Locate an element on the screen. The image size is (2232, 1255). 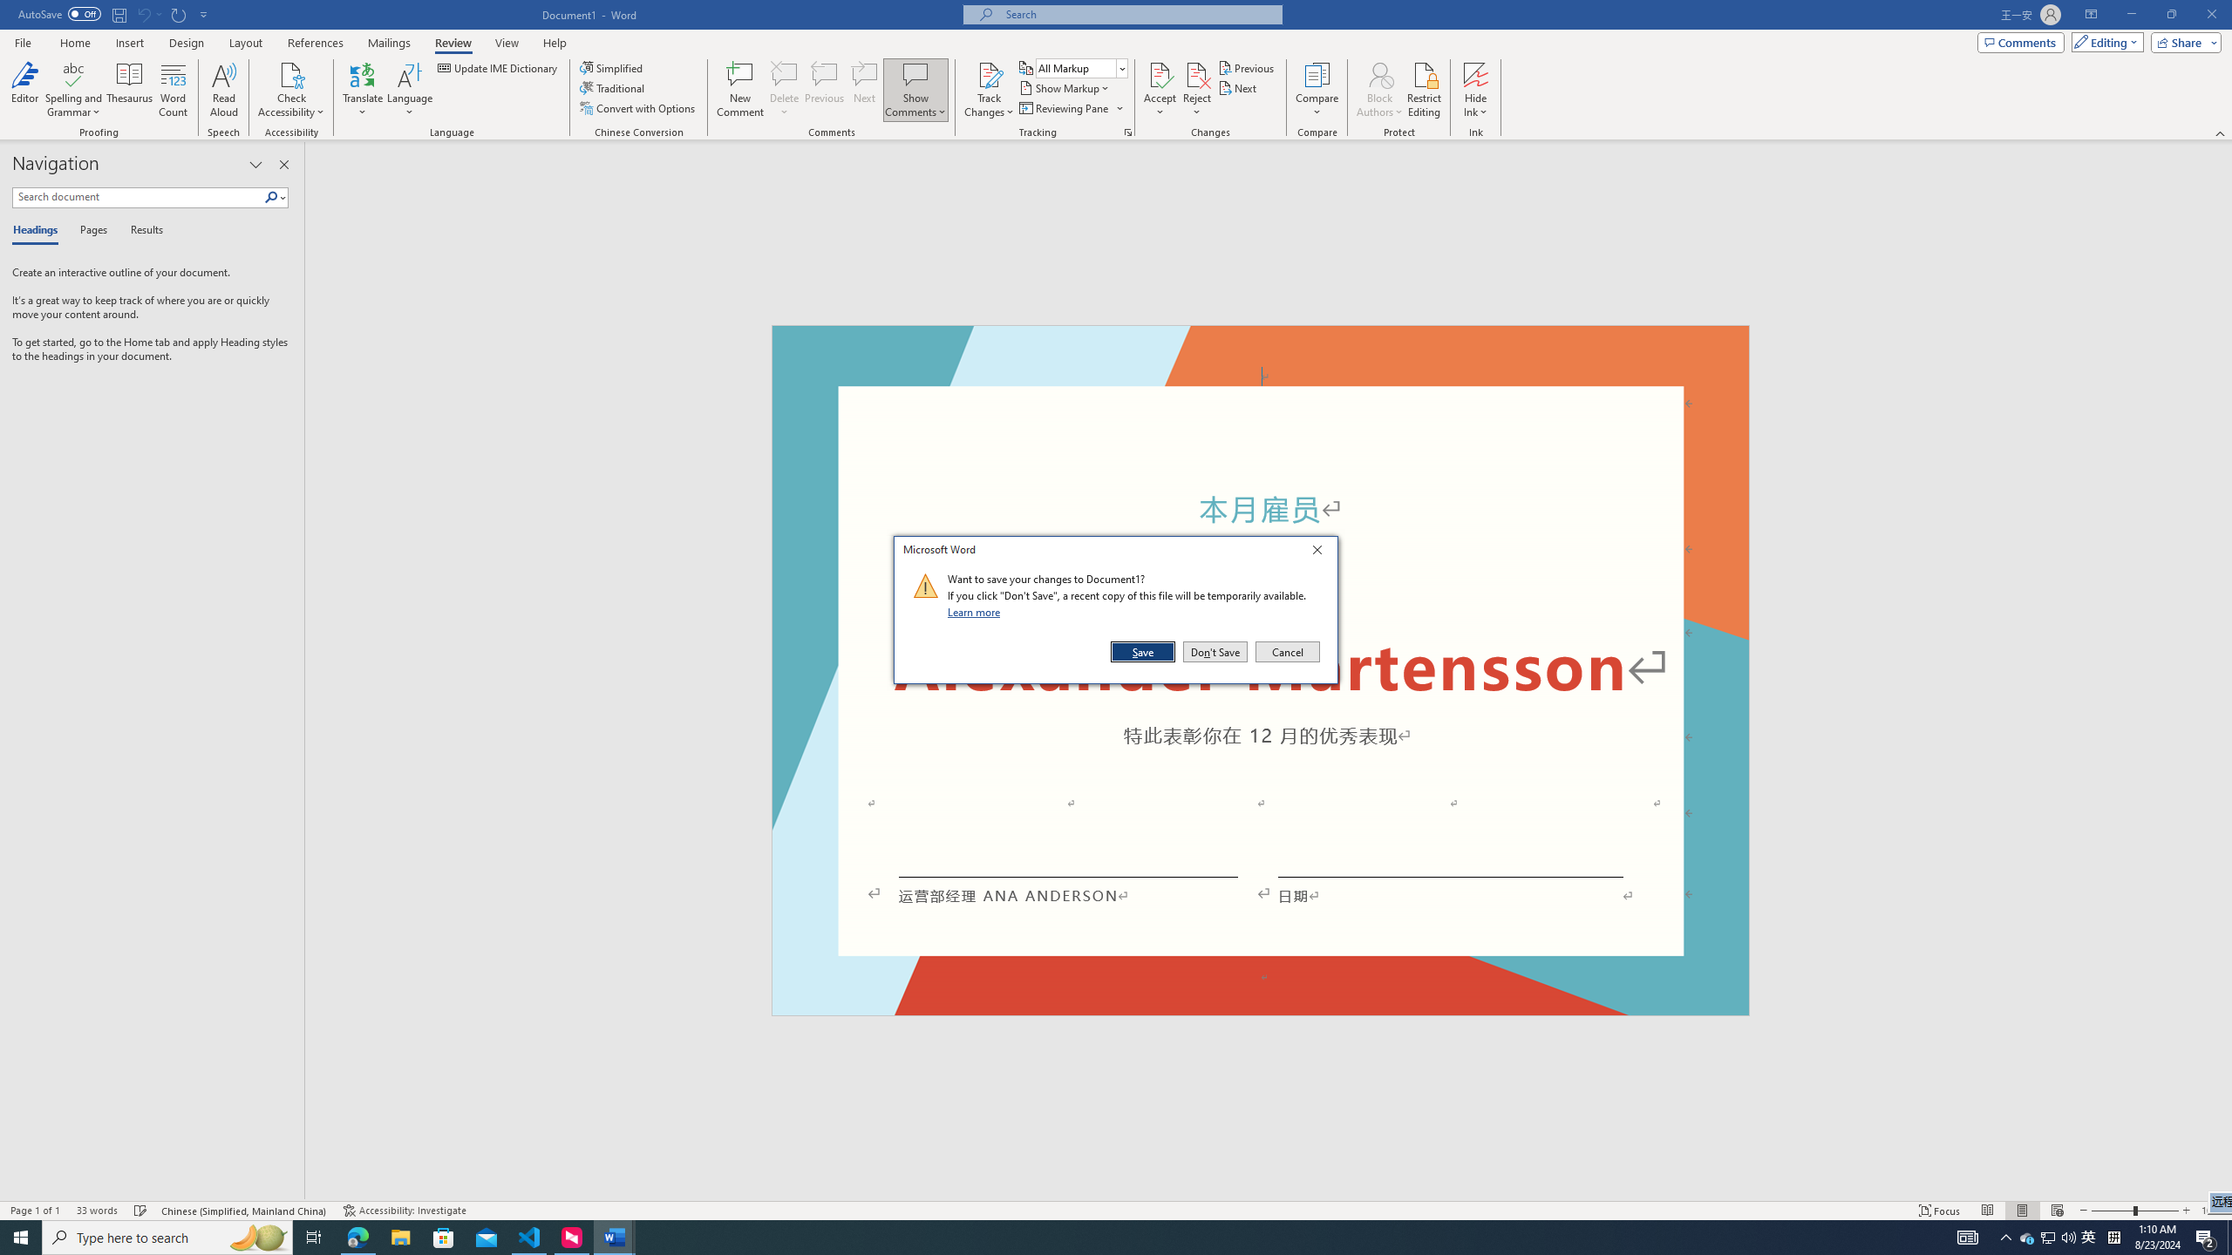
'Share' is located at coordinates (2181, 41).